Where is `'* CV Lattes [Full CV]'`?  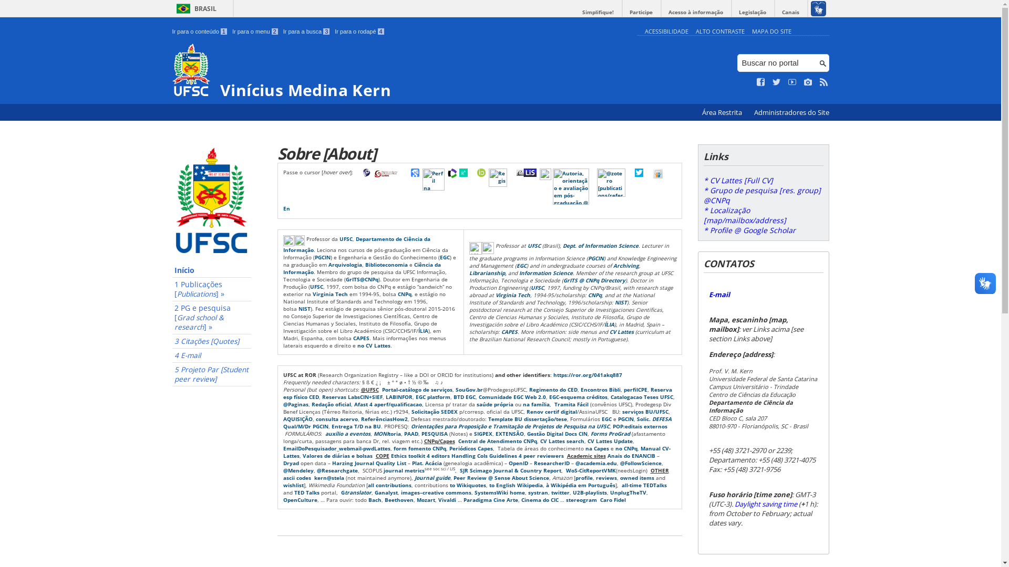 '* CV Lattes [Full CV]' is located at coordinates (703, 180).